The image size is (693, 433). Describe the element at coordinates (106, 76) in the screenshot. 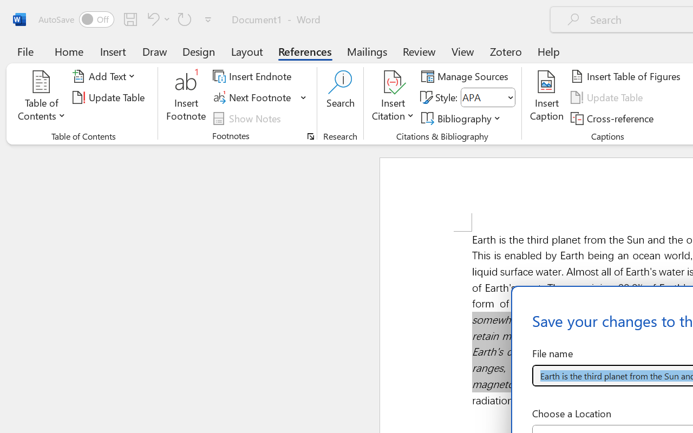

I see `'Add Text'` at that location.